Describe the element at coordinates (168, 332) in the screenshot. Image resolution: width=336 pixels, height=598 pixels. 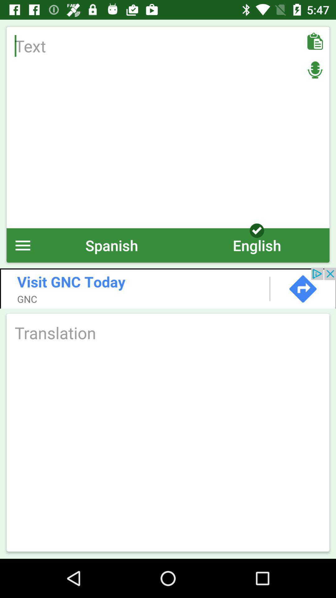
I see `translate` at that location.